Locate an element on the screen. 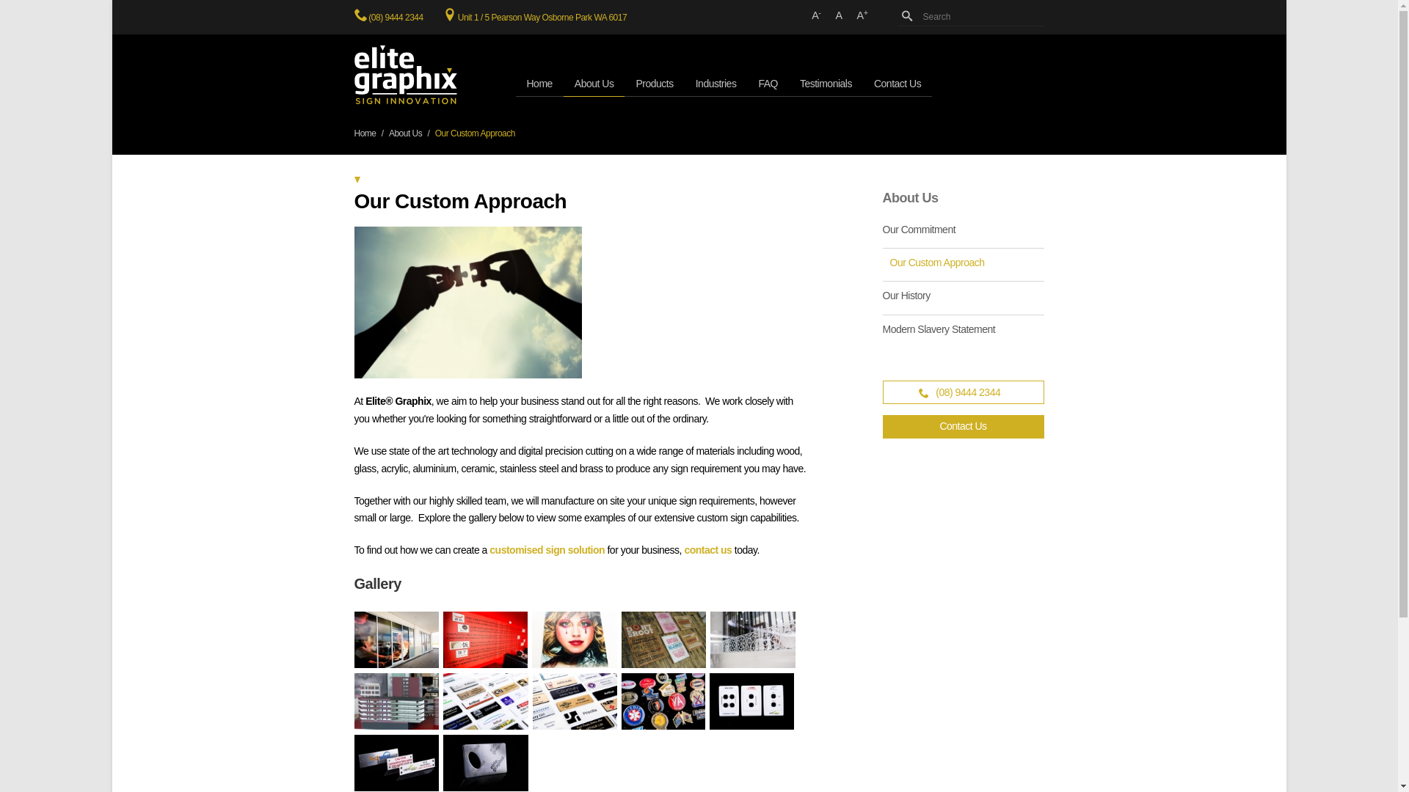  'Contact Us' is located at coordinates (962, 427).